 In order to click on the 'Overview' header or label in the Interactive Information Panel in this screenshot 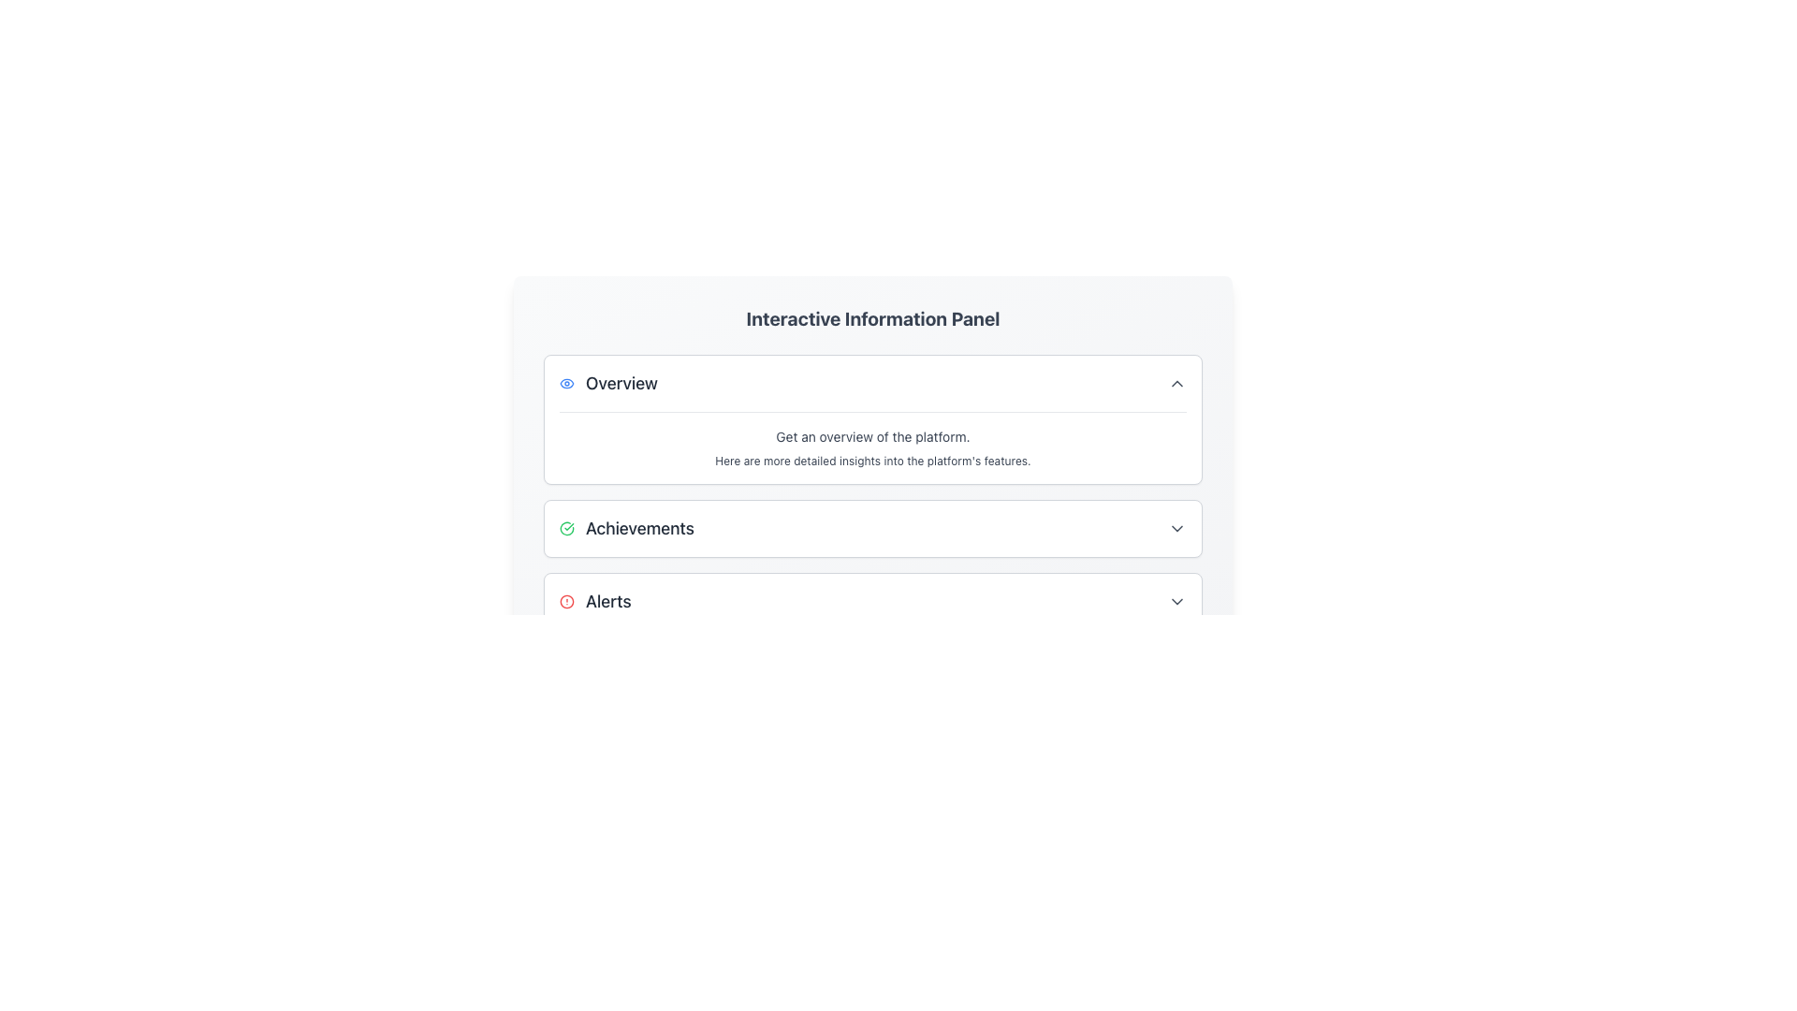, I will do `click(608, 382)`.